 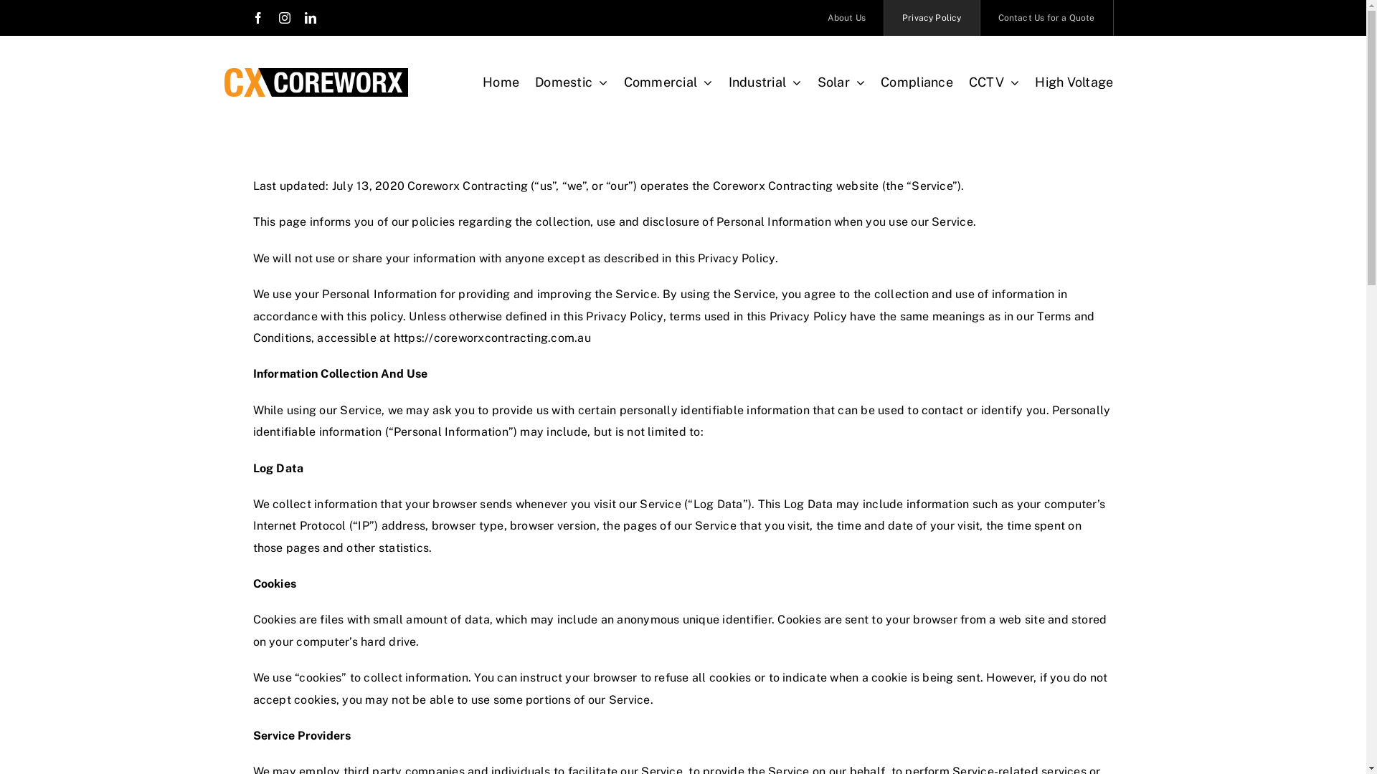 What do you see at coordinates (501, 82) in the screenshot?
I see `'Home'` at bounding box center [501, 82].